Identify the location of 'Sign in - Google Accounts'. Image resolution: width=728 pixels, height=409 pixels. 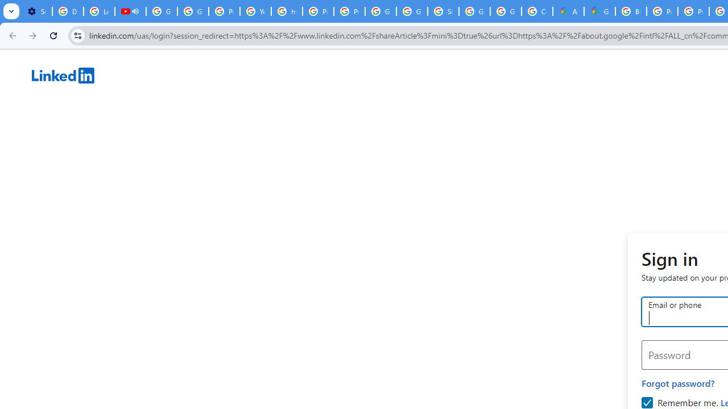
(442, 11).